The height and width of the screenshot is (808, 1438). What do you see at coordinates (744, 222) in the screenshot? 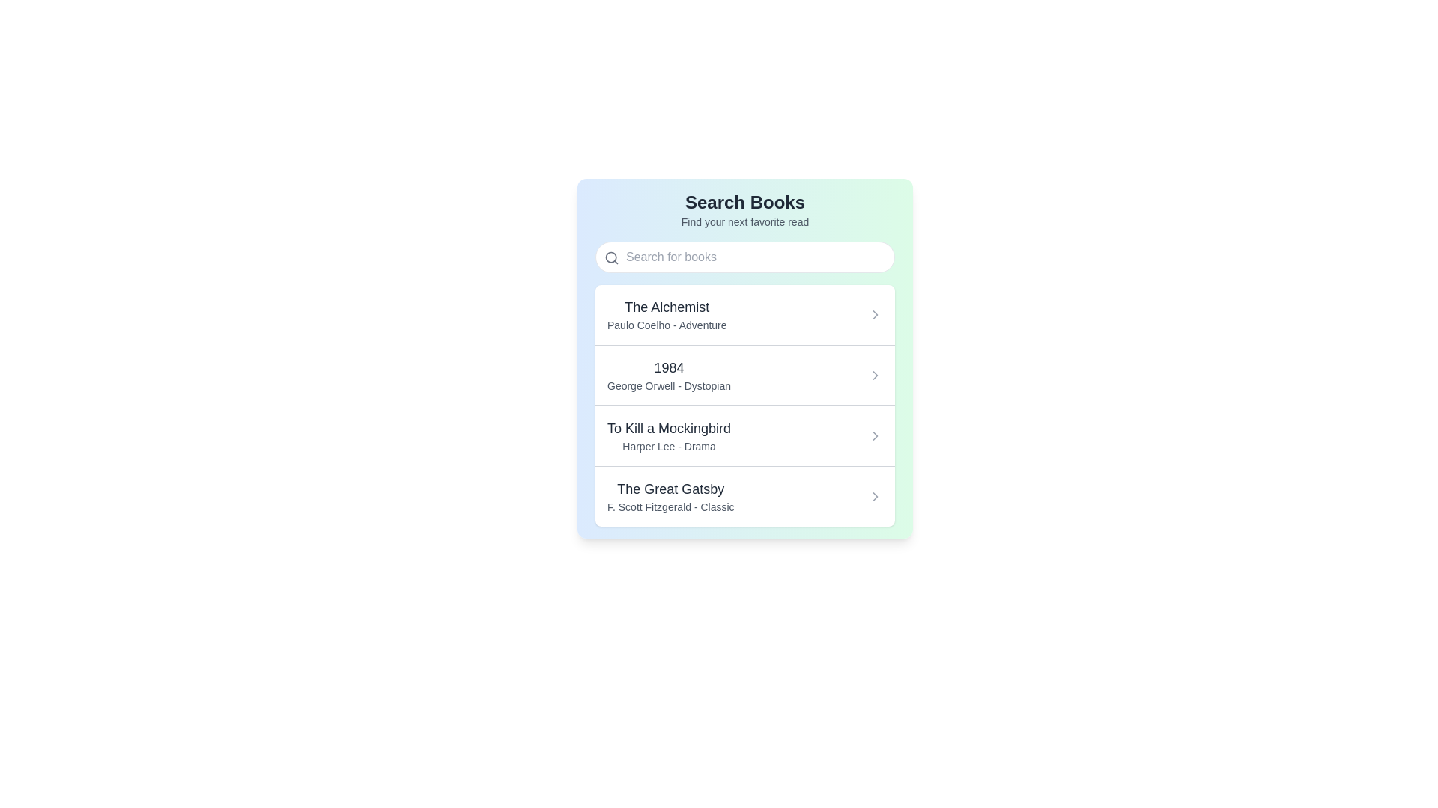
I see `the static text label that reads 'Find your next favorite read.' located under the 'Search Books' title` at bounding box center [744, 222].